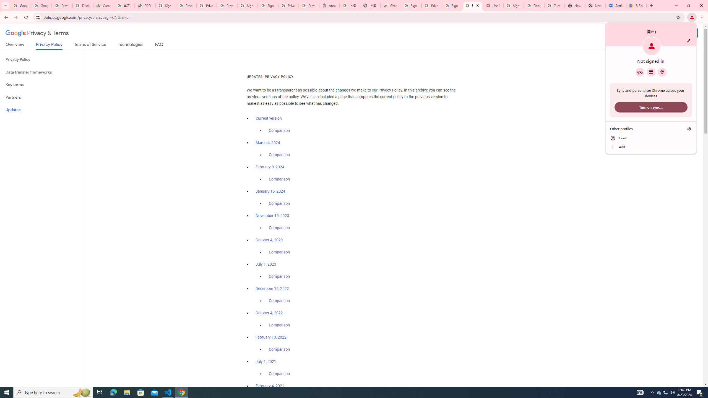 This screenshot has width=708, height=398. What do you see at coordinates (127, 392) in the screenshot?
I see `'File Explorer'` at bounding box center [127, 392].